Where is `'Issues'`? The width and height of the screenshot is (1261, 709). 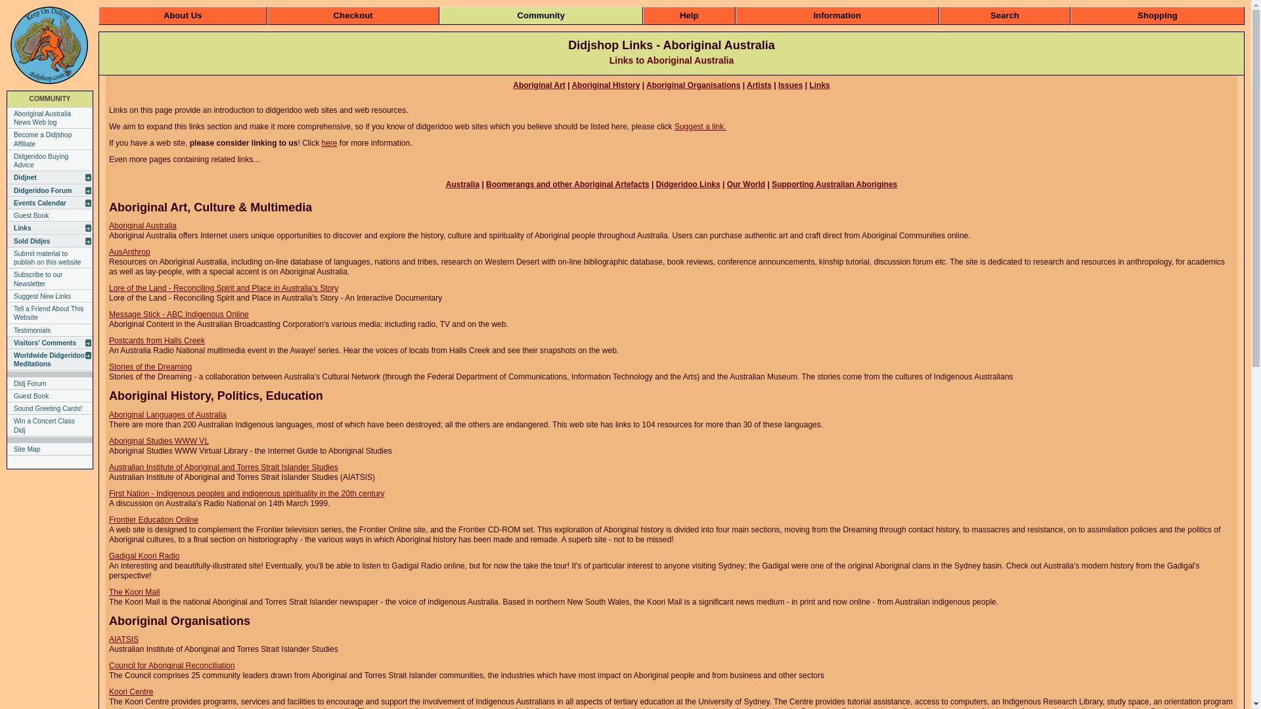
'Issues' is located at coordinates (778, 85).